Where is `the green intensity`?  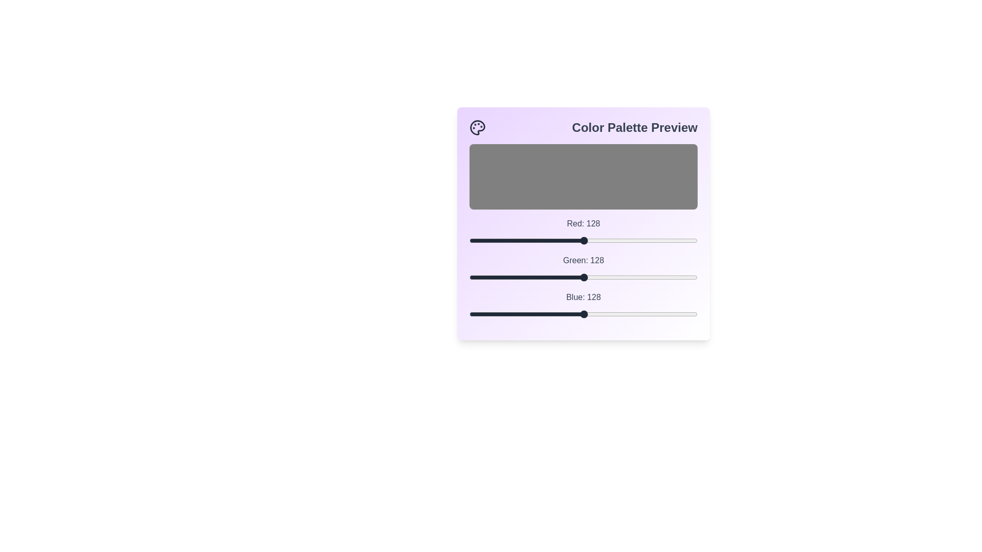 the green intensity is located at coordinates (557, 278).